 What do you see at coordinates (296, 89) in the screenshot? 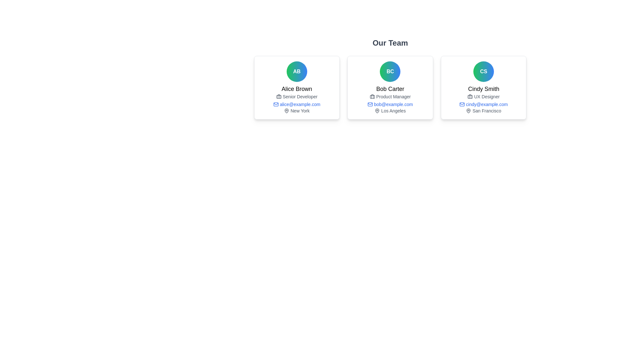
I see `text content 'Alice Brown' from the name section of the user profile card, which is displayed in a bold font below the avatar icon with initials 'AB'` at bounding box center [296, 89].